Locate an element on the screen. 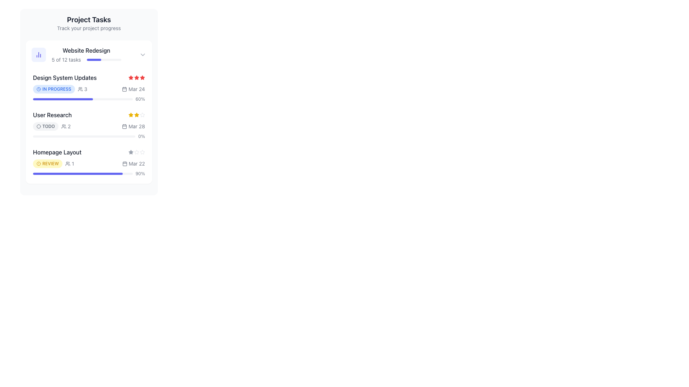  the 'TODO' status badge with a circular icon located in the 'User Research' section of the 'Project Tasks' card, which is positioned to the left of the number '2' is located at coordinates (45, 126).